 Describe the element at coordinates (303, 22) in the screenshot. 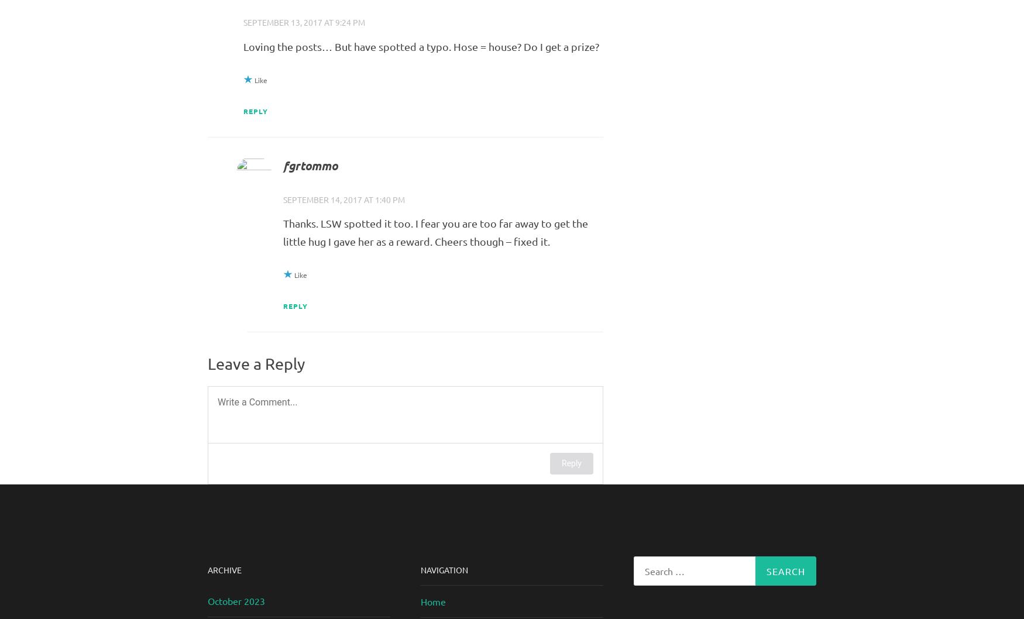

I see `'September 13, 2017 at 9:24 pm'` at that location.